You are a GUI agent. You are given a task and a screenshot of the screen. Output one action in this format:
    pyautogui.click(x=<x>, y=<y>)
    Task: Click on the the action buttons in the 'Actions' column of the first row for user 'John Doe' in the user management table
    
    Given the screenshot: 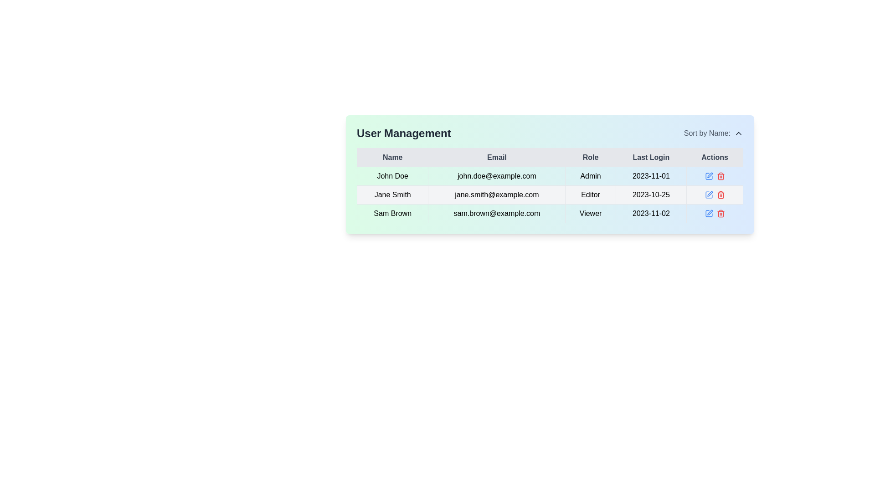 What is the action you would take?
    pyautogui.click(x=714, y=176)
    